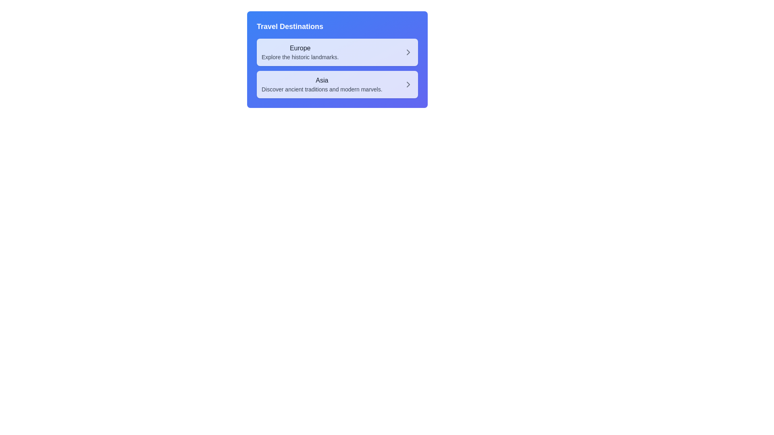 Image resolution: width=774 pixels, height=435 pixels. Describe the element at coordinates (408, 84) in the screenshot. I see `the right-facing chevron icon styled with gray color within the card component titled 'Asia', located adjacent to the text 'Discover ancient traditions and modern marvels.'` at that location.